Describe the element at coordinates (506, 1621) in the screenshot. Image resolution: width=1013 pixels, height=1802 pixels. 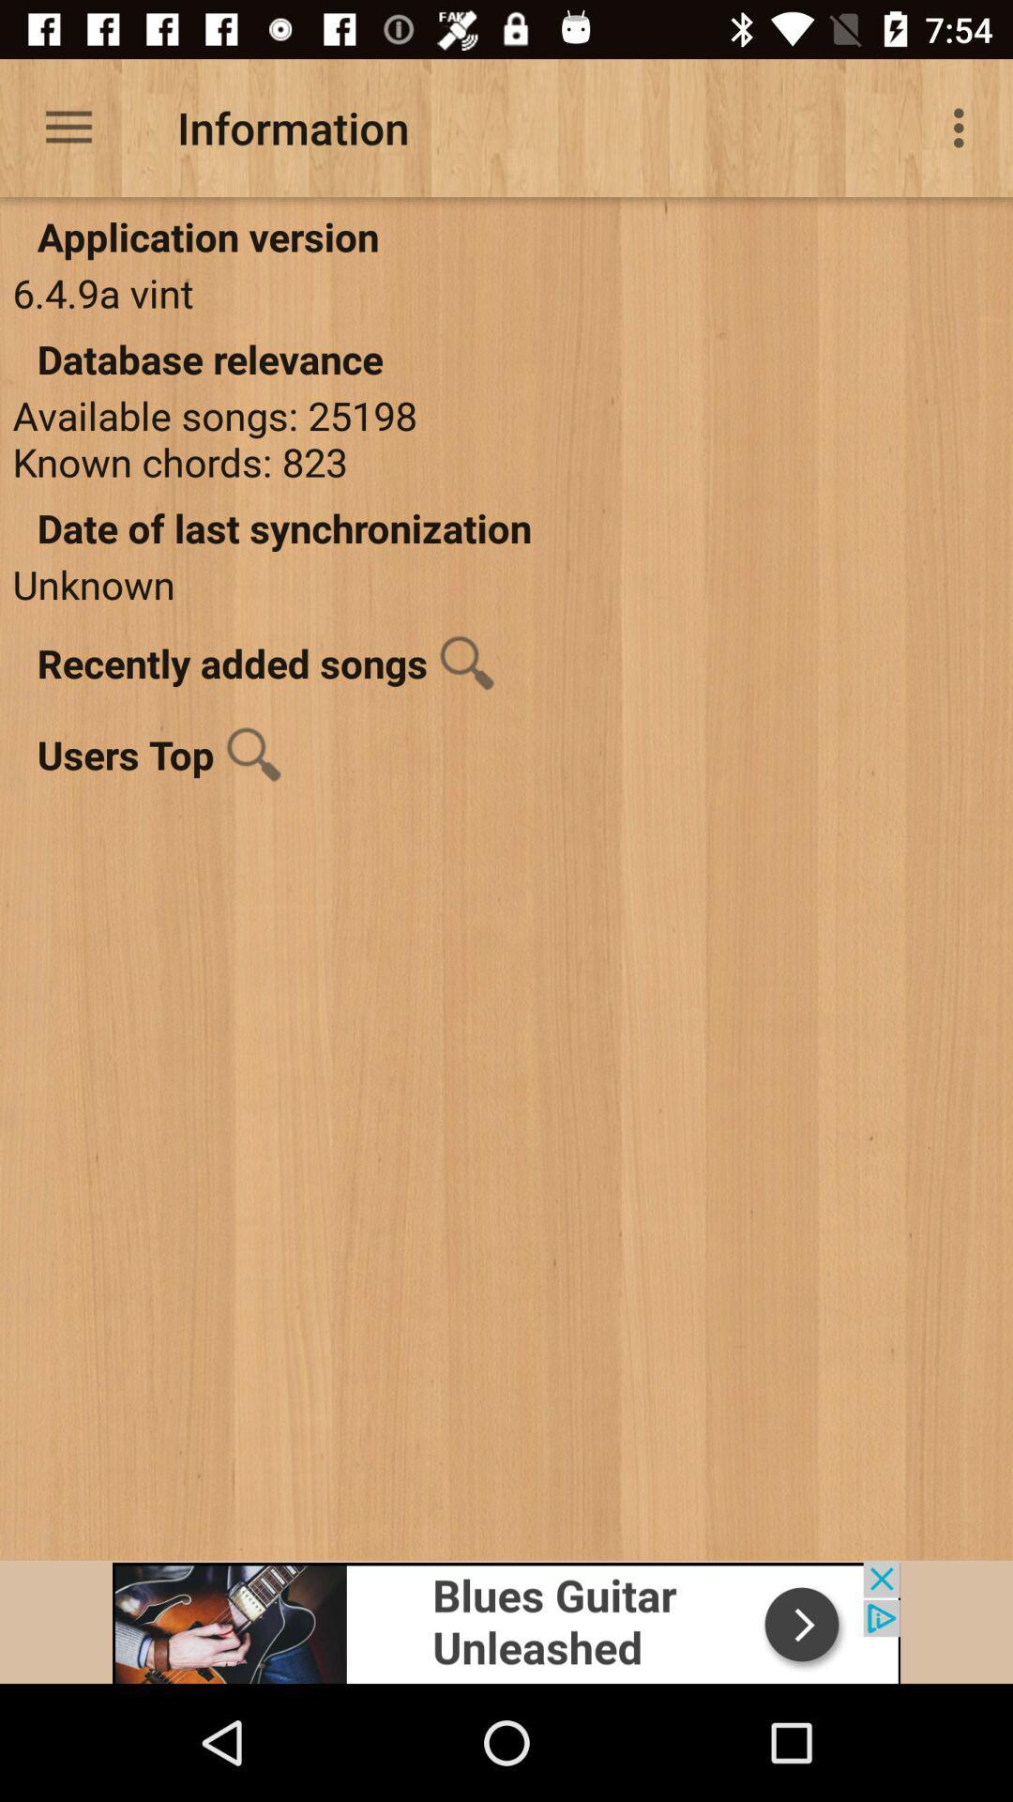
I see `previous` at that location.